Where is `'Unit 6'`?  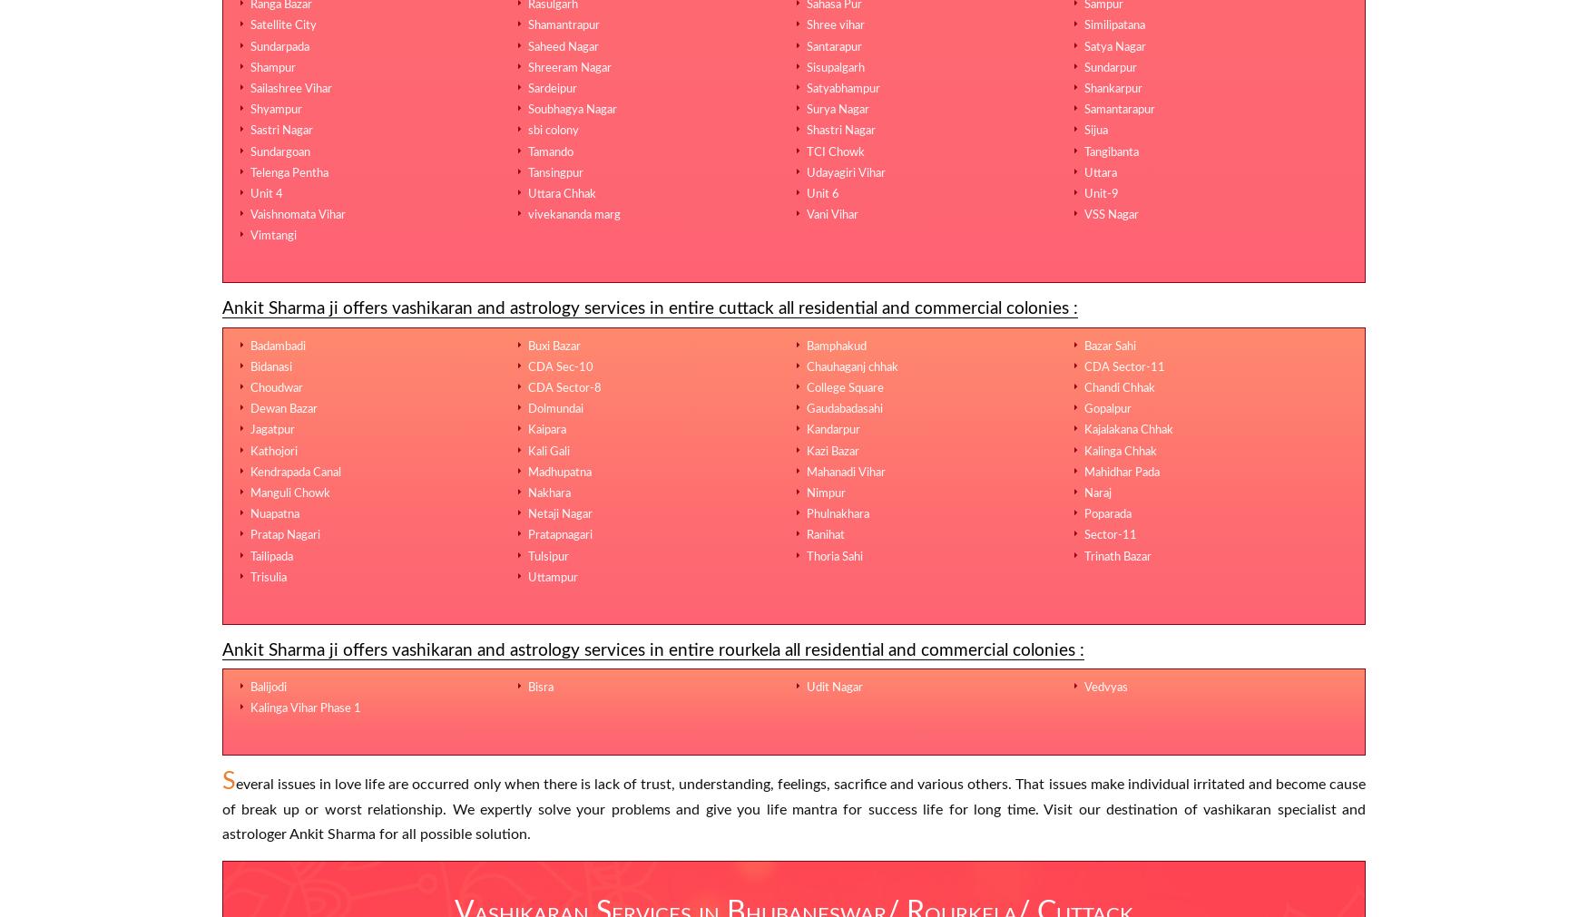
'Unit 6' is located at coordinates (820, 193).